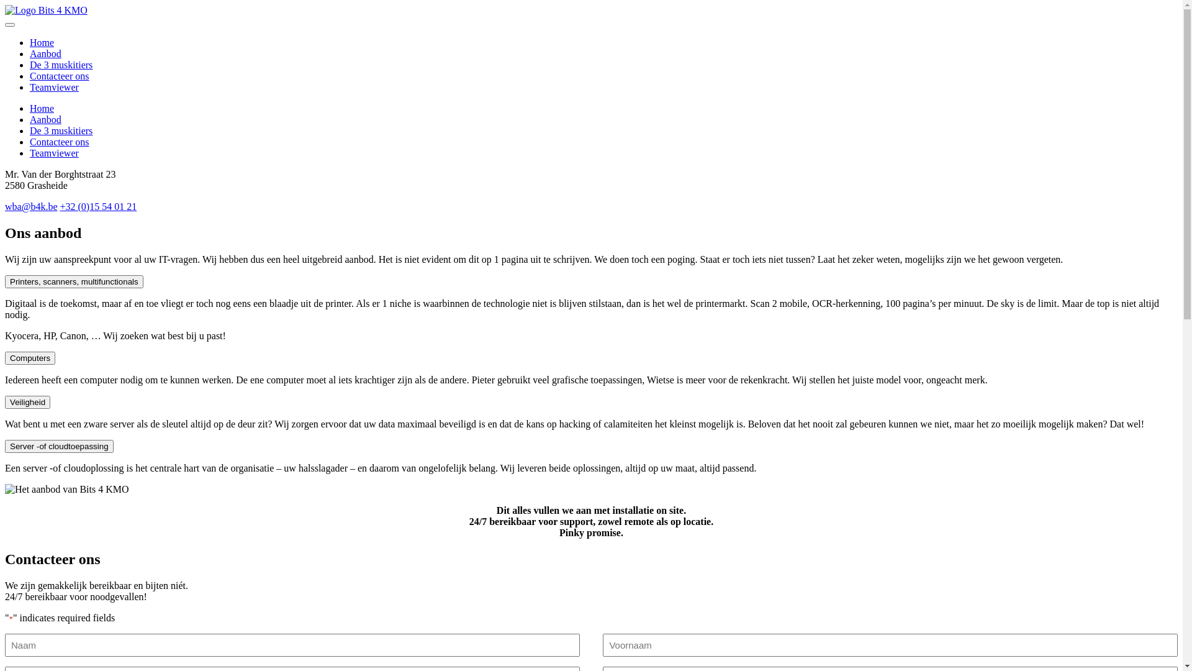 The width and height of the screenshot is (1192, 671). Describe the element at coordinates (30, 107) in the screenshot. I see `'Home'` at that location.